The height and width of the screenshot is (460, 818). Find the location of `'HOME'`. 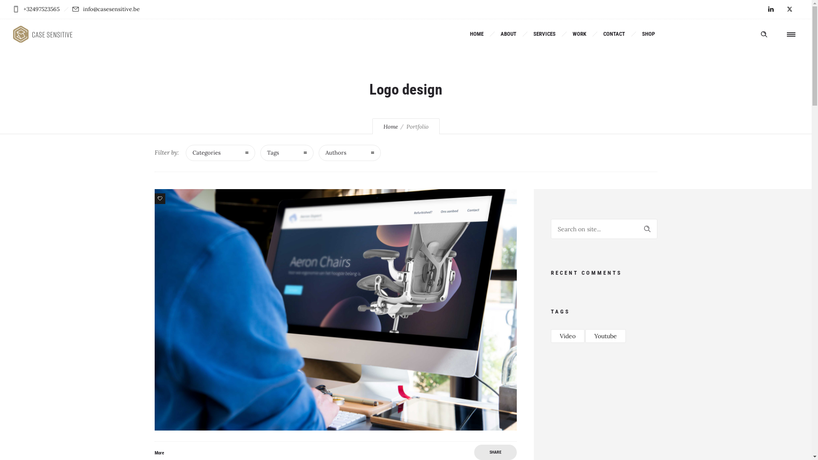

'HOME' is located at coordinates (476, 34).